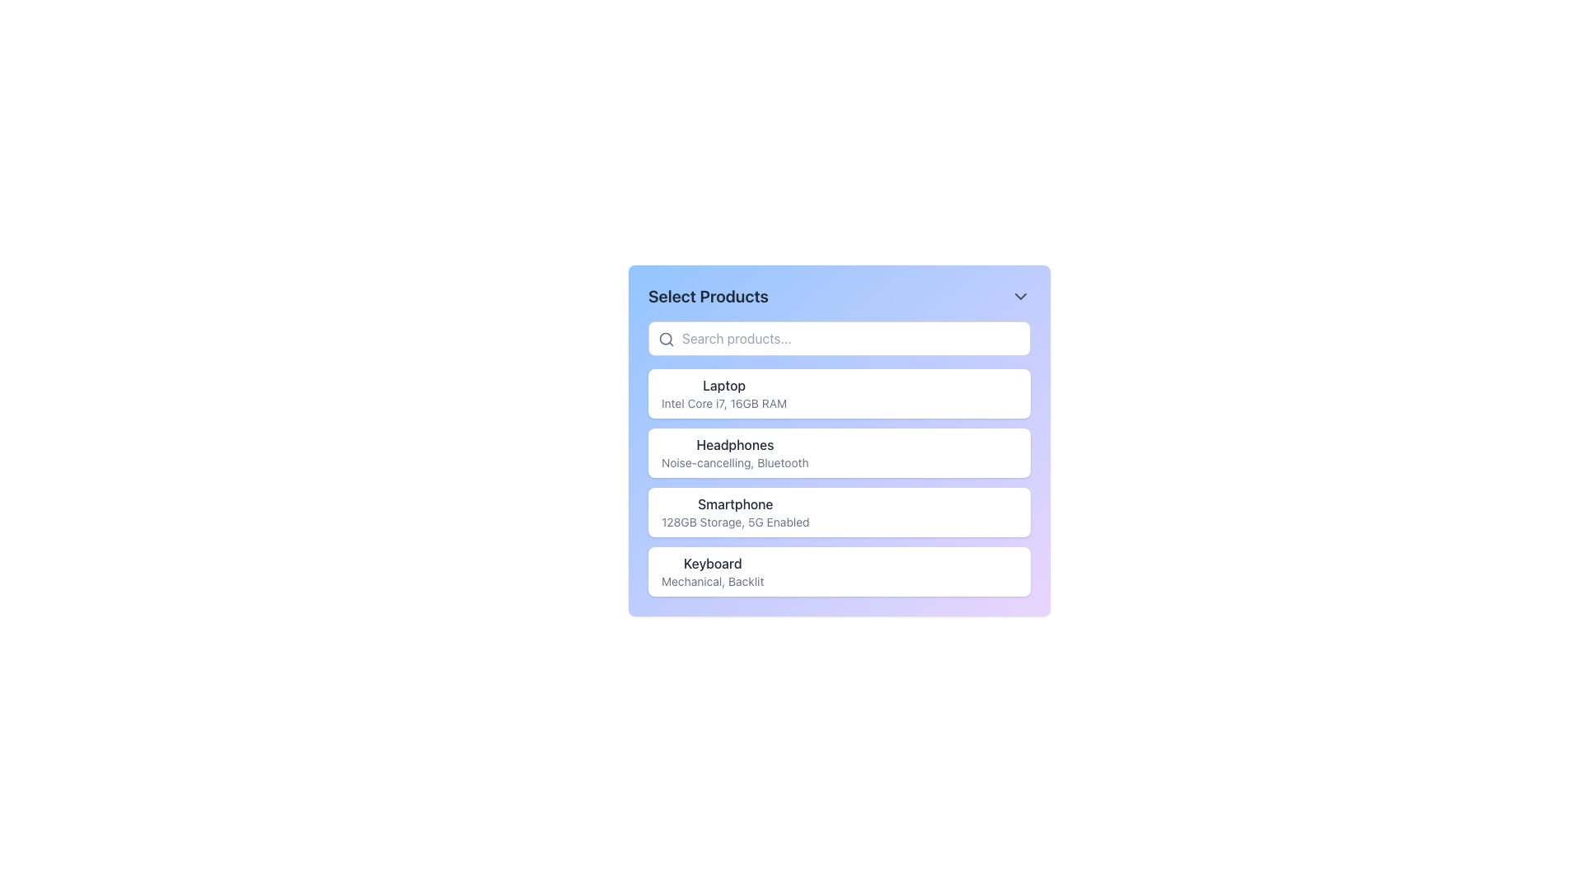  What do you see at coordinates (666, 338) in the screenshot?
I see `the circular part of the magnifying glass icon located at the top-left of the 'Select Products' dropdown panel` at bounding box center [666, 338].